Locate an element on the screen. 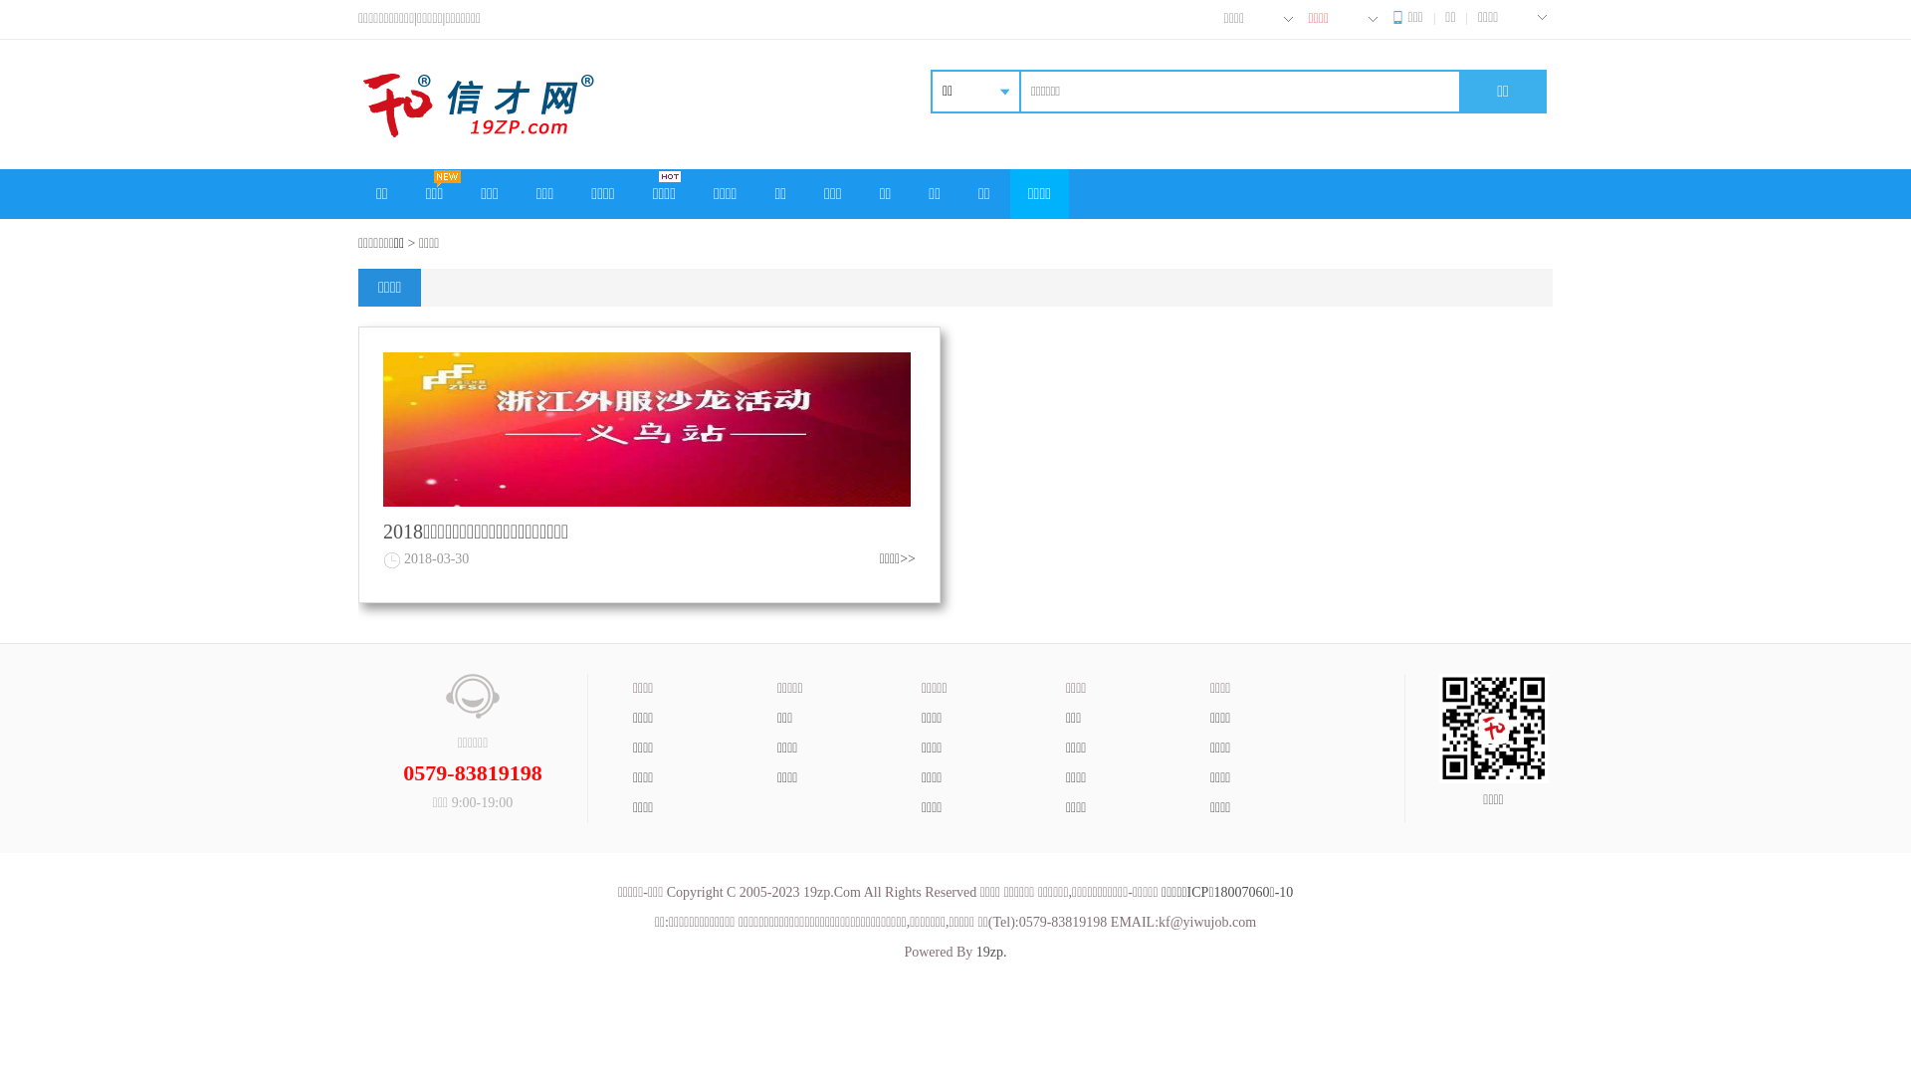 The image size is (1911, 1075). '19zp.' is located at coordinates (991, 951).